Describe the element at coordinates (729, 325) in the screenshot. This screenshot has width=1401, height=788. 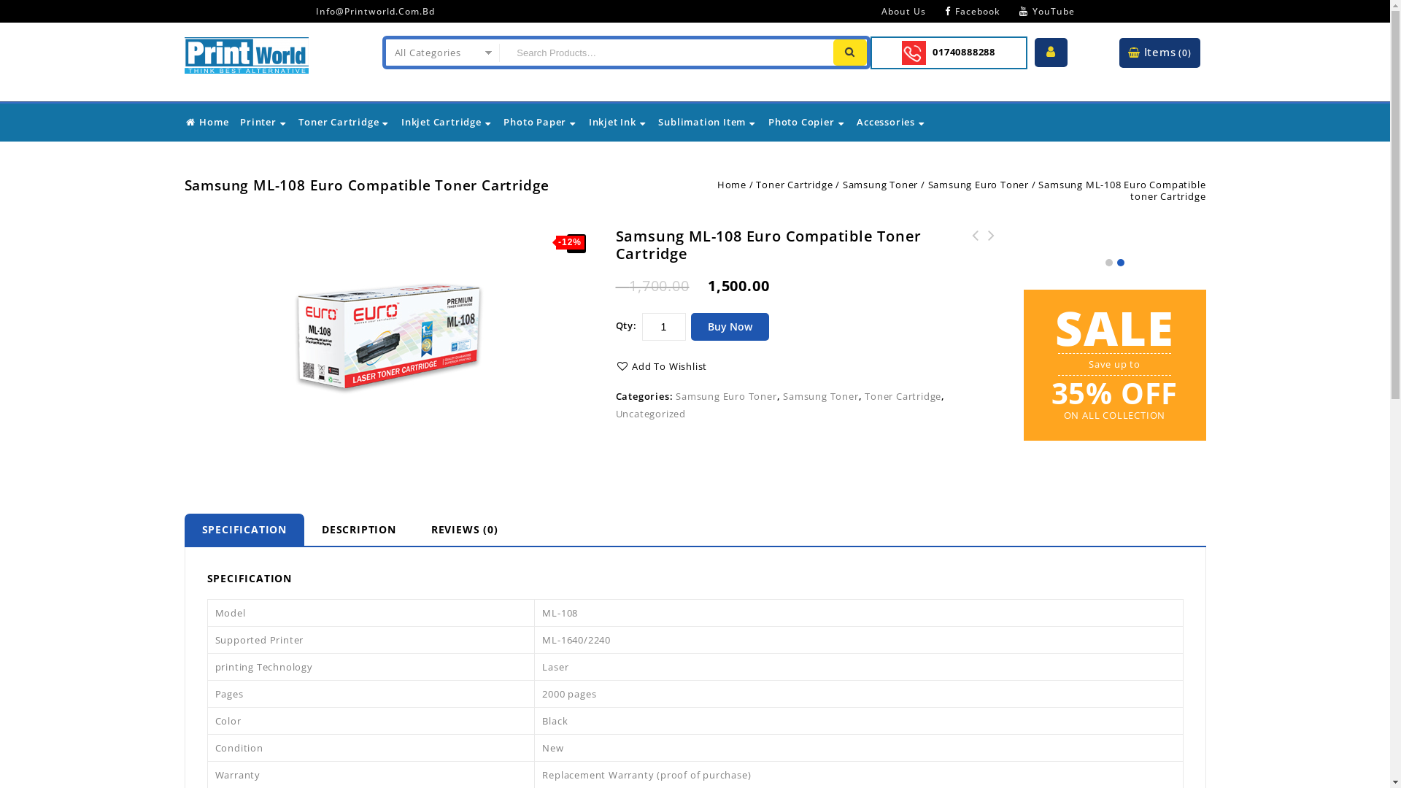
I see `'Buy Now'` at that location.